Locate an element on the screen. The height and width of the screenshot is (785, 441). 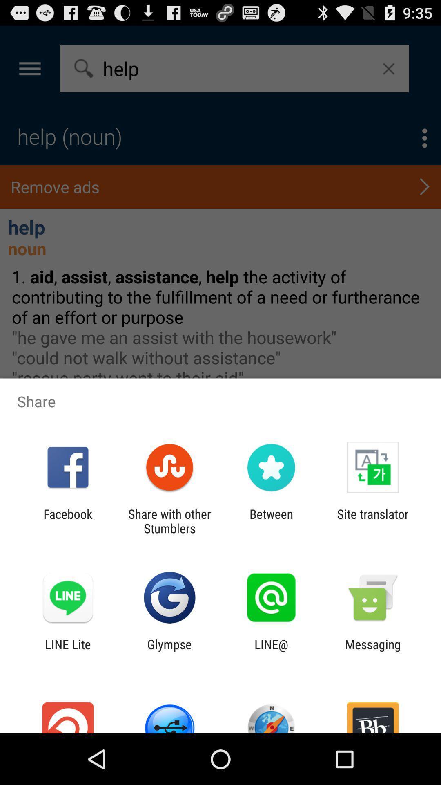
item to the right of line@ item is located at coordinates (373, 651).